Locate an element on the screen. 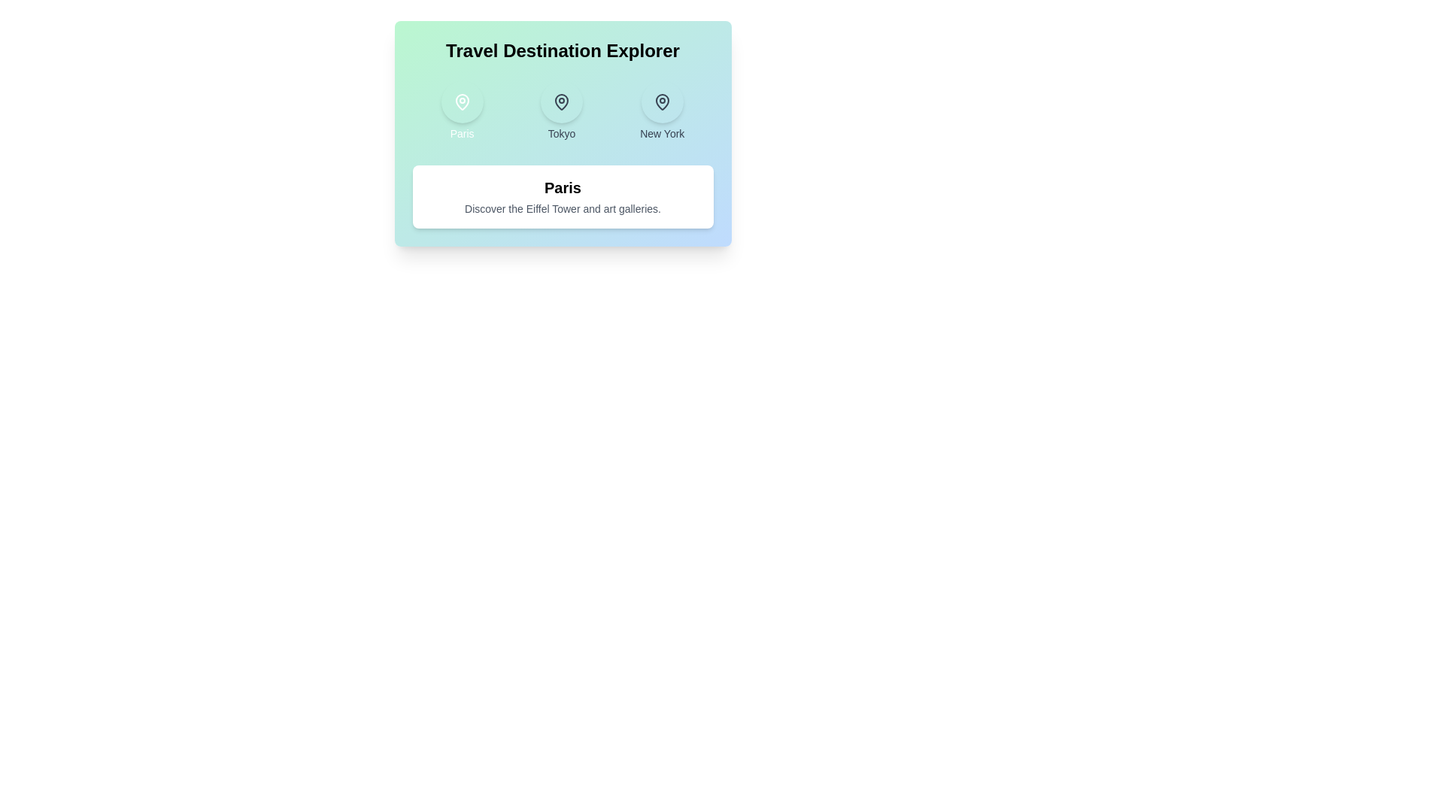 Image resolution: width=1444 pixels, height=812 pixels. the 'Tokyo' travel destination button, which is the second button in a horizontal alignment below the 'Travel Destination Explorer' heading is located at coordinates (560, 101).